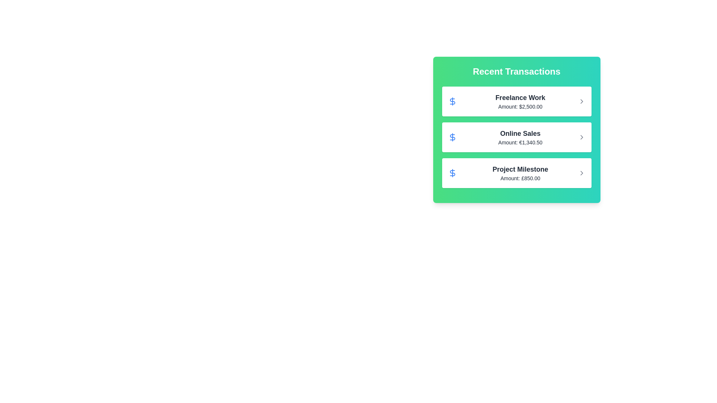 The height and width of the screenshot is (403, 717). I want to click on the right-pointing chevron icon in the 'Freelance Work' section, so click(581, 101).